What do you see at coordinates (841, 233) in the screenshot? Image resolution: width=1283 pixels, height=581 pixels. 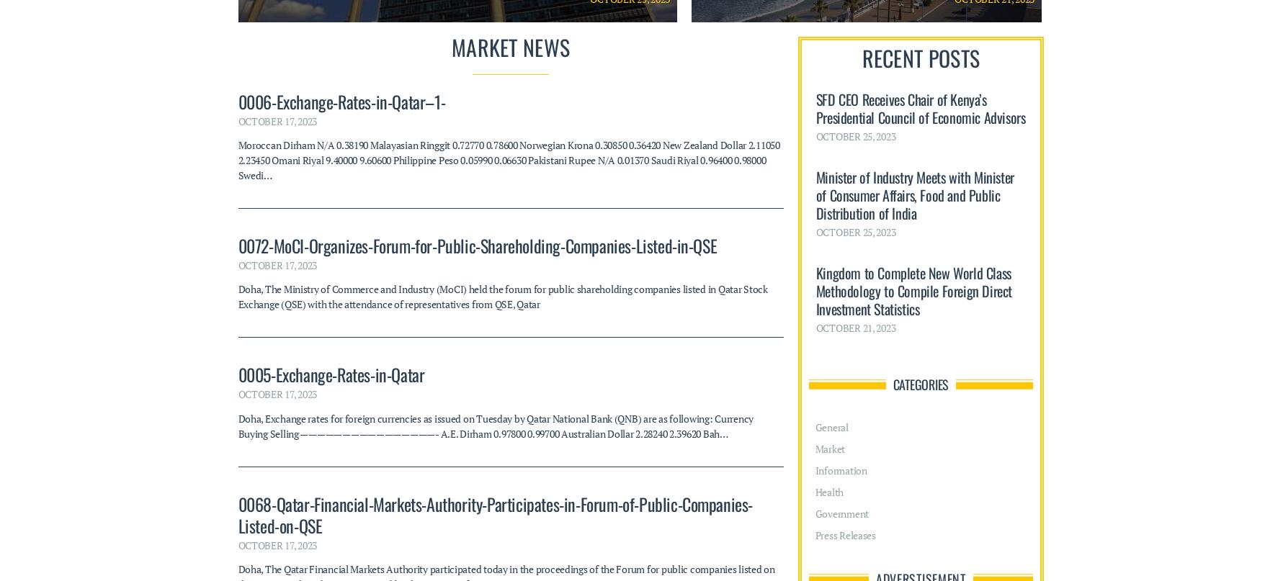 I see `'Government'` at bounding box center [841, 233].